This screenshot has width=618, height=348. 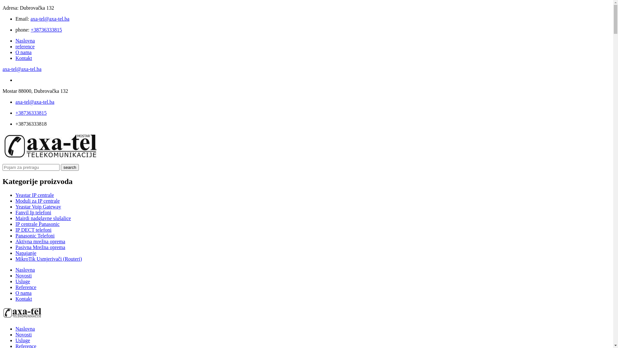 I want to click on 'Moduli za IP centrale', so click(x=37, y=200).